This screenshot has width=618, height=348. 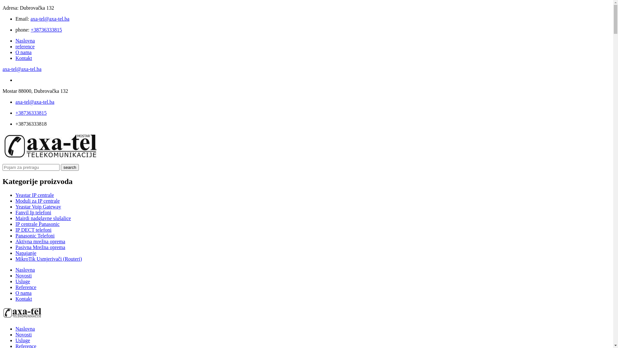 I want to click on 'Moduli za IP centrale', so click(x=37, y=200).